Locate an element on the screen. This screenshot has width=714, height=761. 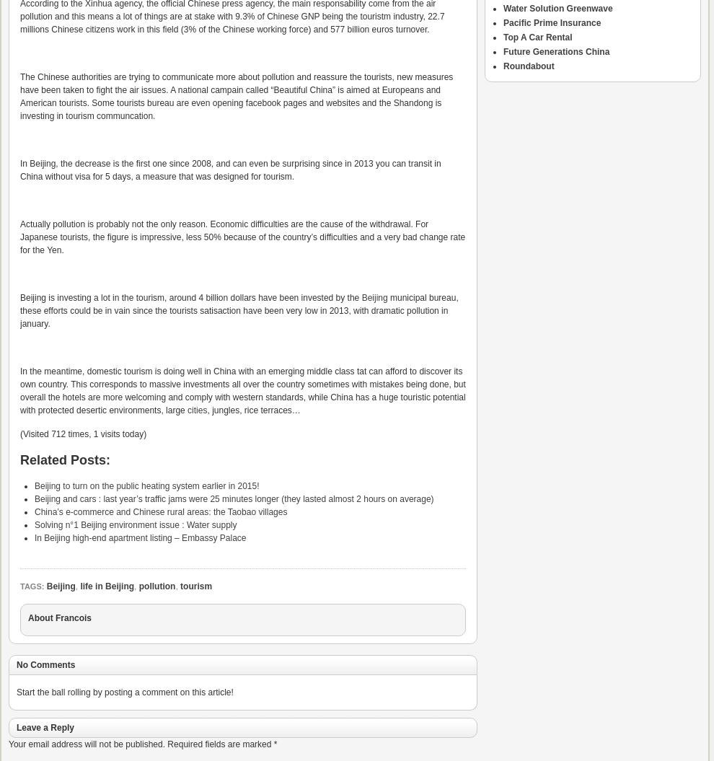
'Leave a Reply' is located at coordinates (45, 727).